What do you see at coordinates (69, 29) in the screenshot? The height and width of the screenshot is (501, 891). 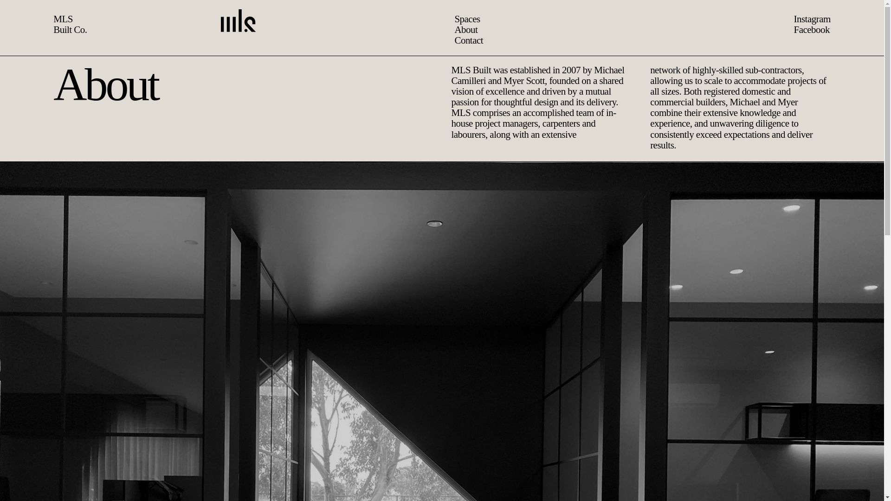 I see `'Built Co.'` at bounding box center [69, 29].